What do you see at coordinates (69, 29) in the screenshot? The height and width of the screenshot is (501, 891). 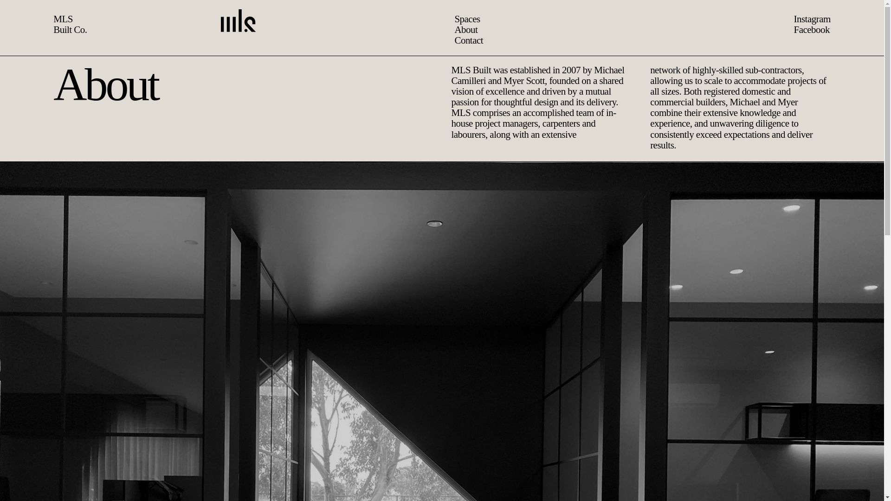 I see `'Built Co.'` at bounding box center [69, 29].